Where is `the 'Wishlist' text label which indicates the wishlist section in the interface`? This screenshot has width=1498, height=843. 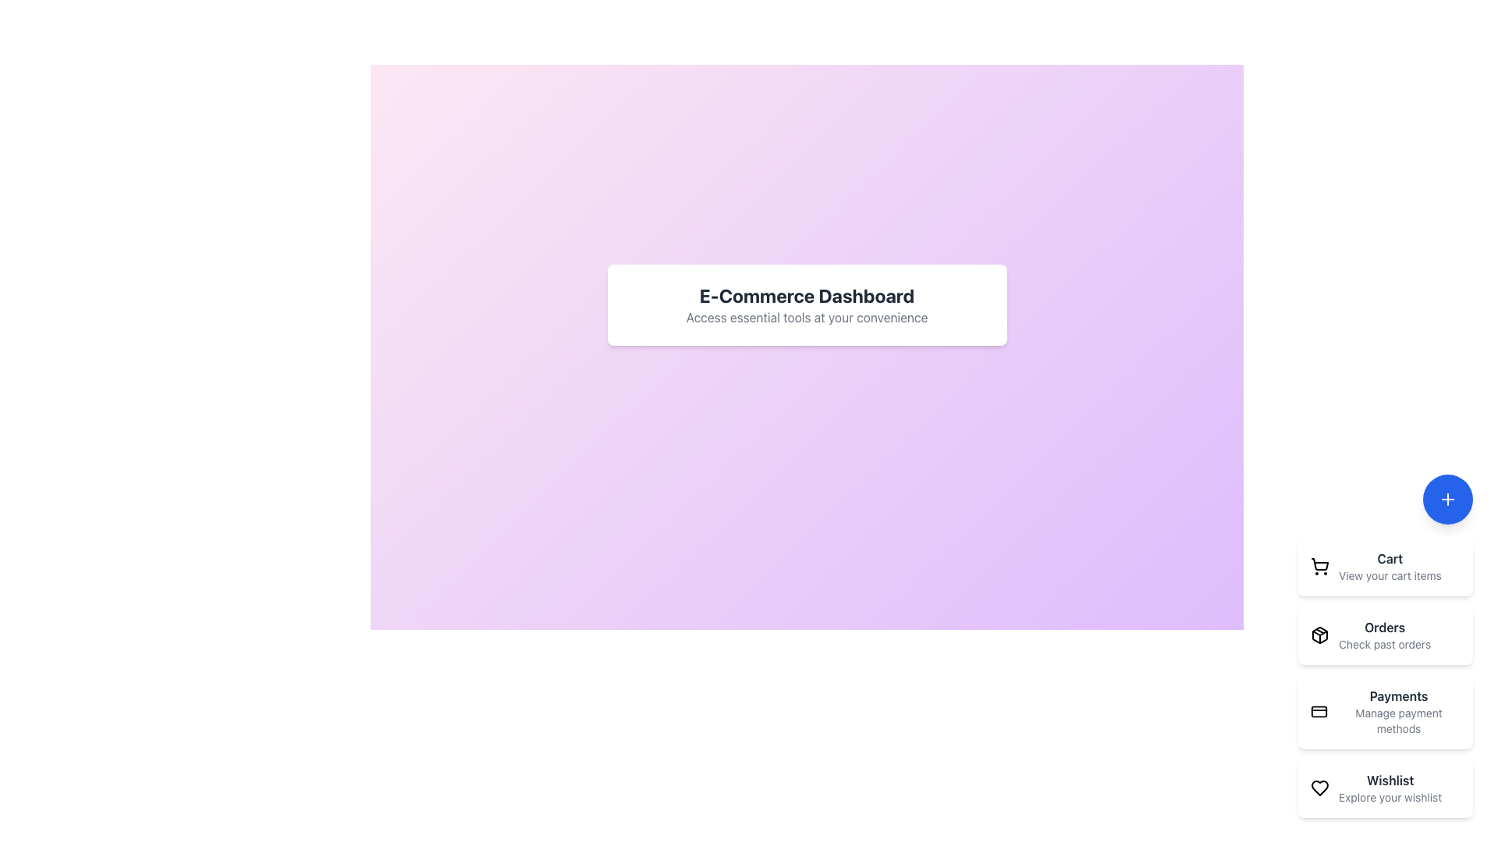
the 'Wishlist' text label which indicates the wishlist section in the interface is located at coordinates (1390, 780).